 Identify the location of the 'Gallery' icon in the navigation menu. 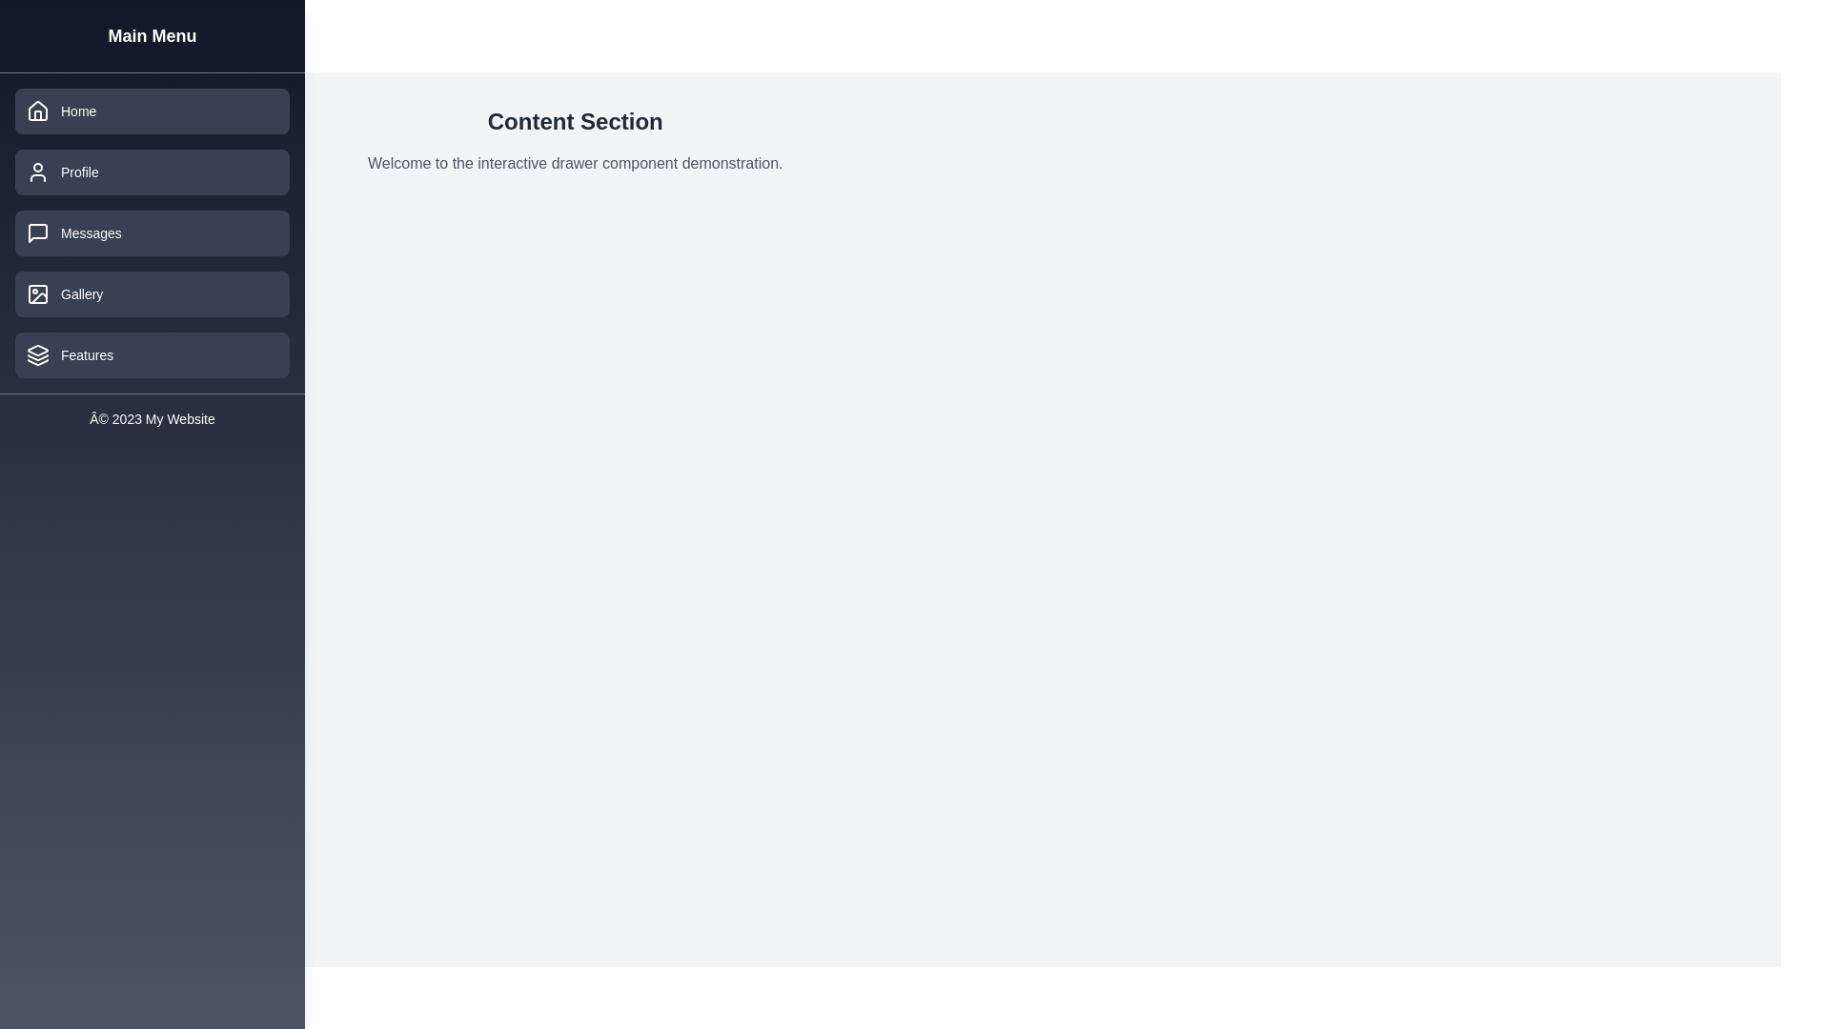
(37, 293).